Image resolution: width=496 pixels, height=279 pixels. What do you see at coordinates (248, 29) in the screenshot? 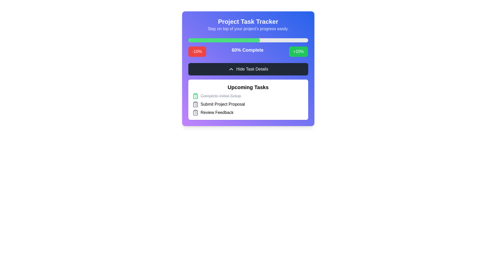
I see `the informative header text that summarizes the functionality of the application, located directly below the 'Project Task Tracker' heading` at bounding box center [248, 29].